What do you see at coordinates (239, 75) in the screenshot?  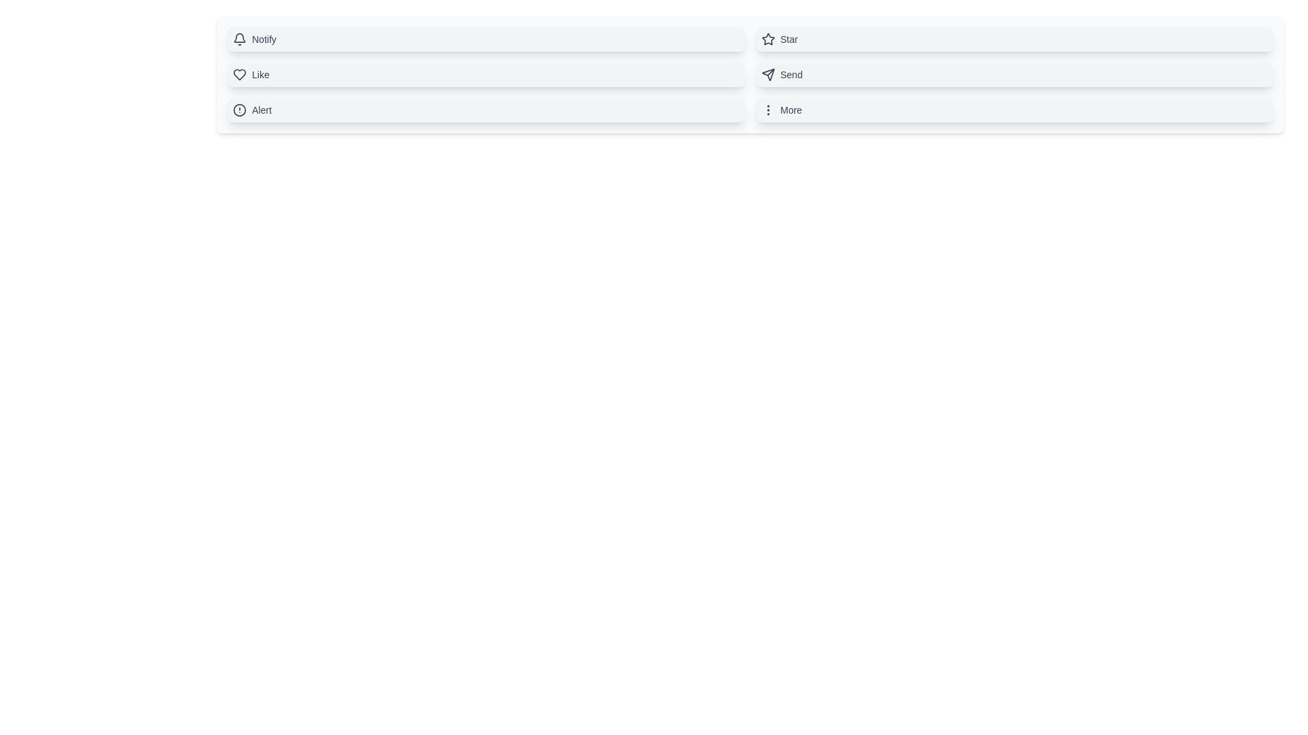 I see `the Heart-shaped icon representing the 'Like' action, which is positioned to the left of the 'Like' text label within a horizontal layout` at bounding box center [239, 75].